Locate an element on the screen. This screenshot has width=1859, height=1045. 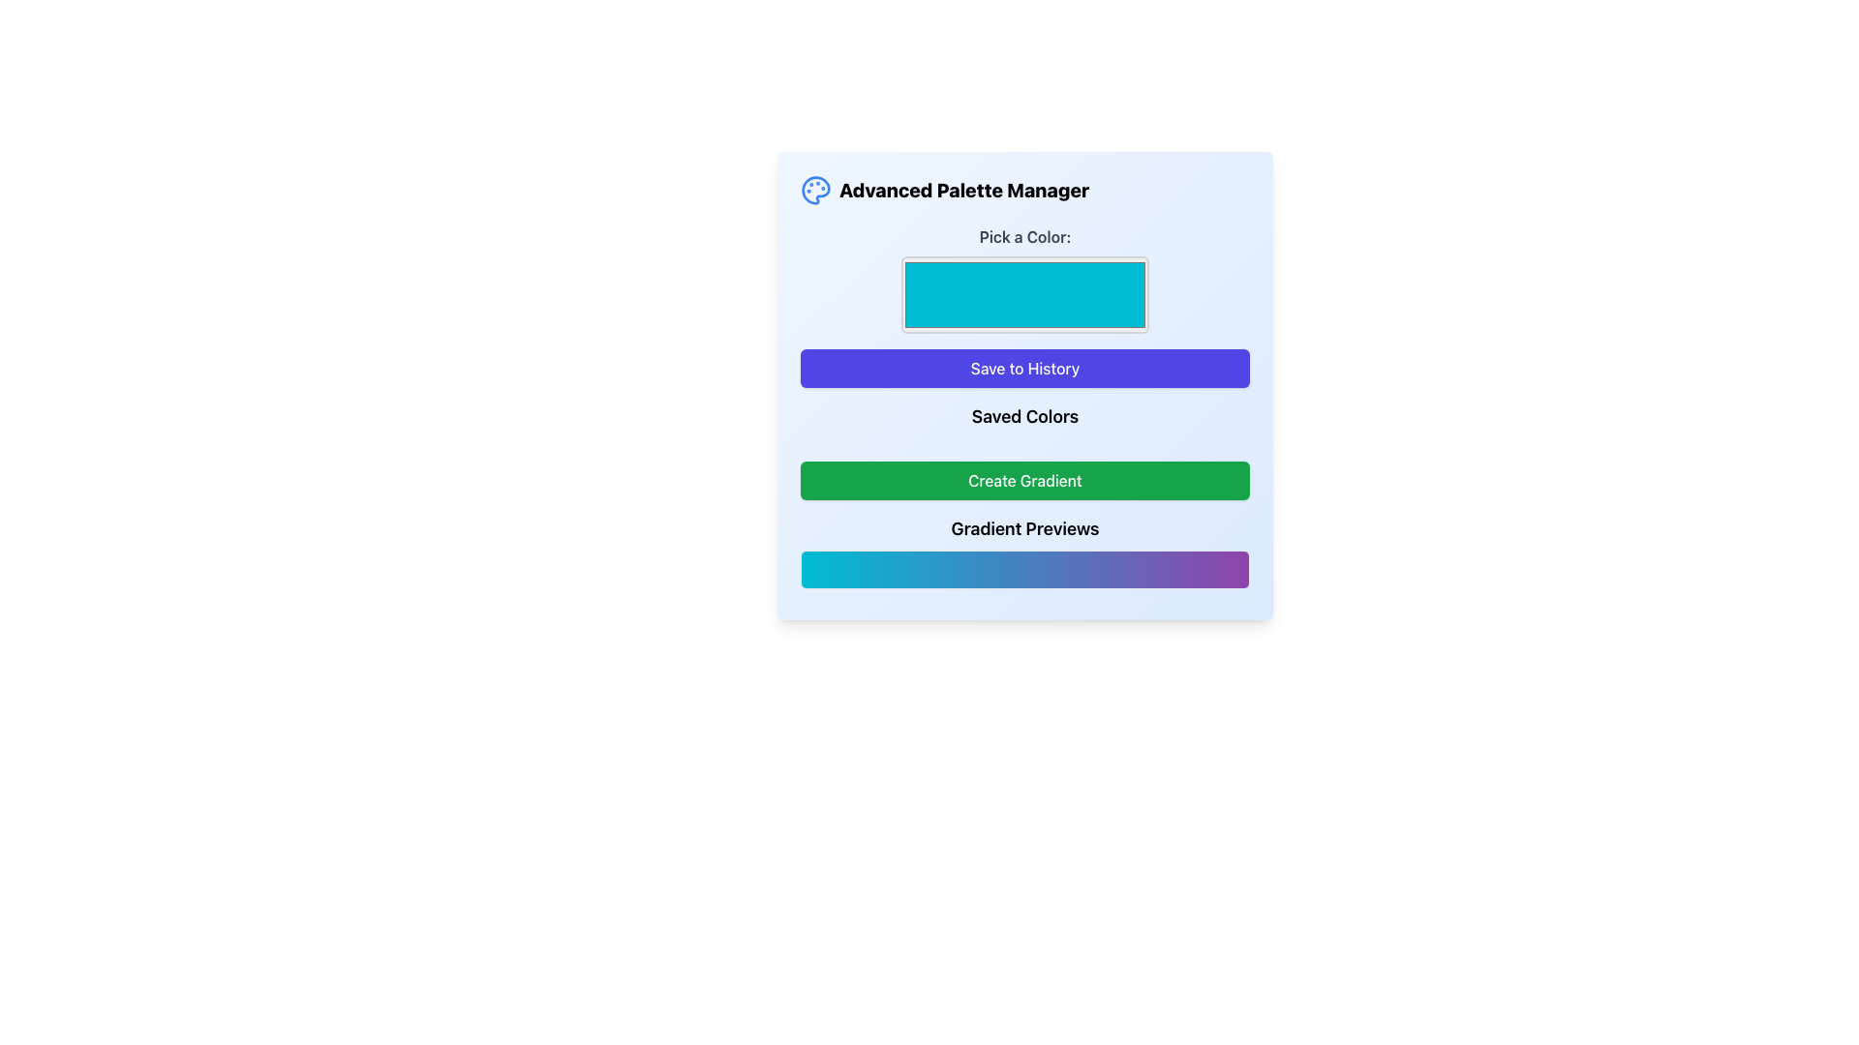
the 'Save to History' button with a solid indigo background and white text, located below the 'Pick a Color:' text and above the 'Saved Colors' label is located at coordinates (1024, 385).